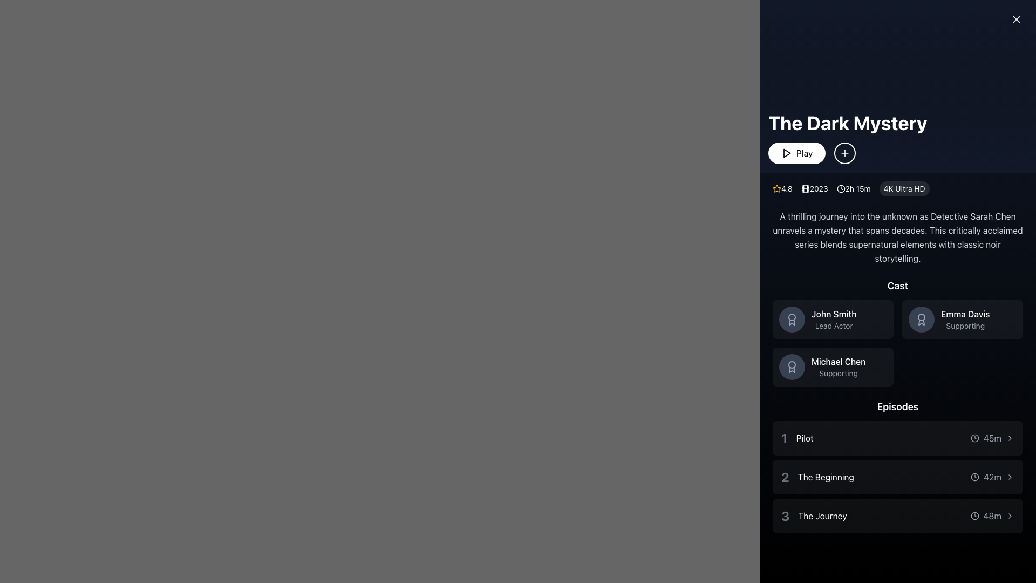 The height and width of the screenshot is (583, 1036). Describe the element at coordinates (833, 366) in the screenshot. I see `the Information Tile containing 'Michael Chen' to show options` at that location.